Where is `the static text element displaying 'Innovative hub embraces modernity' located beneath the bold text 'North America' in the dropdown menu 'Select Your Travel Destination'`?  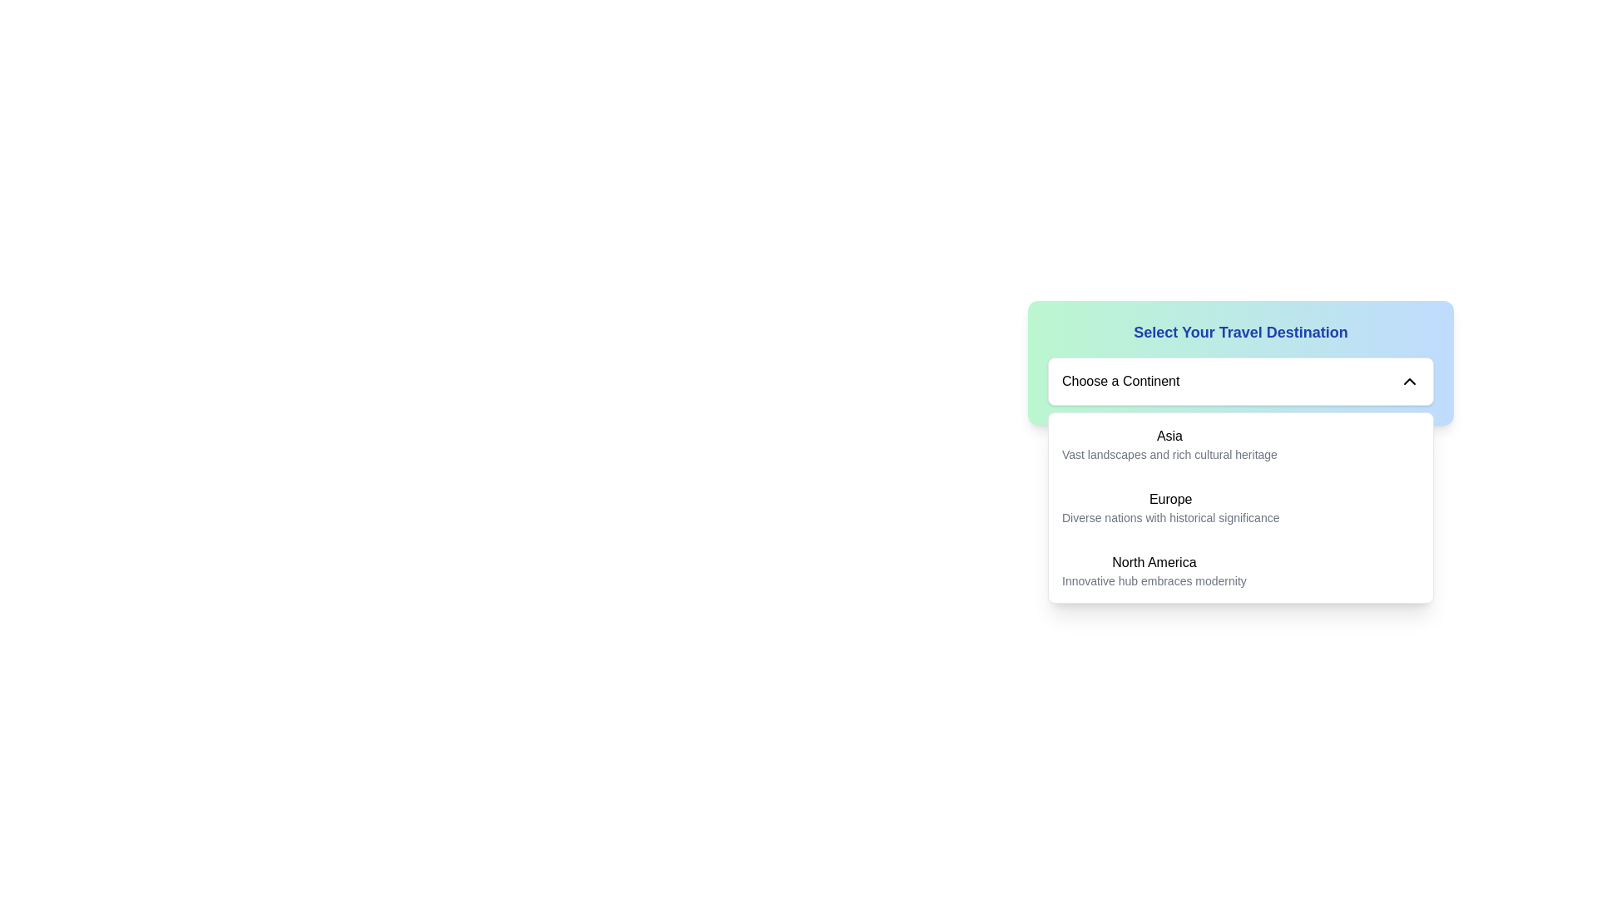
the static text element displaying 'Innovative hub embraces modernity' located beneath the bold text 'North America' in the dropdown menu 'Select Your Travel Destination' is located at coordinates (1153, 580).